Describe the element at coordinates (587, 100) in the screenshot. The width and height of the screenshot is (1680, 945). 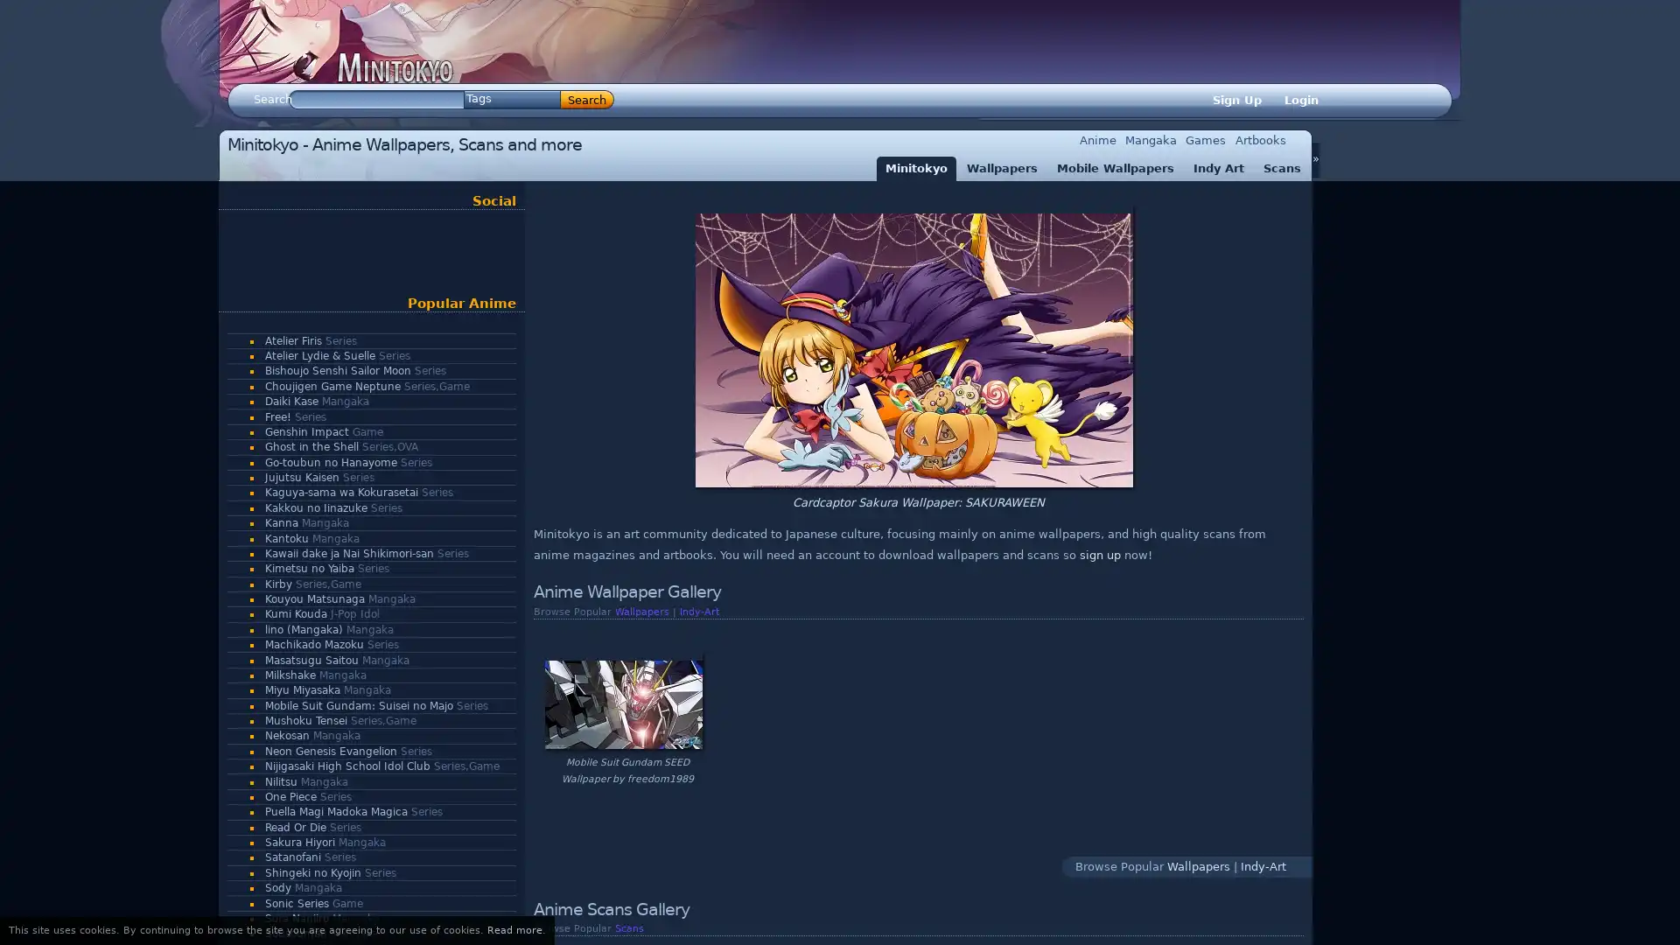
I see `Search` at that location.